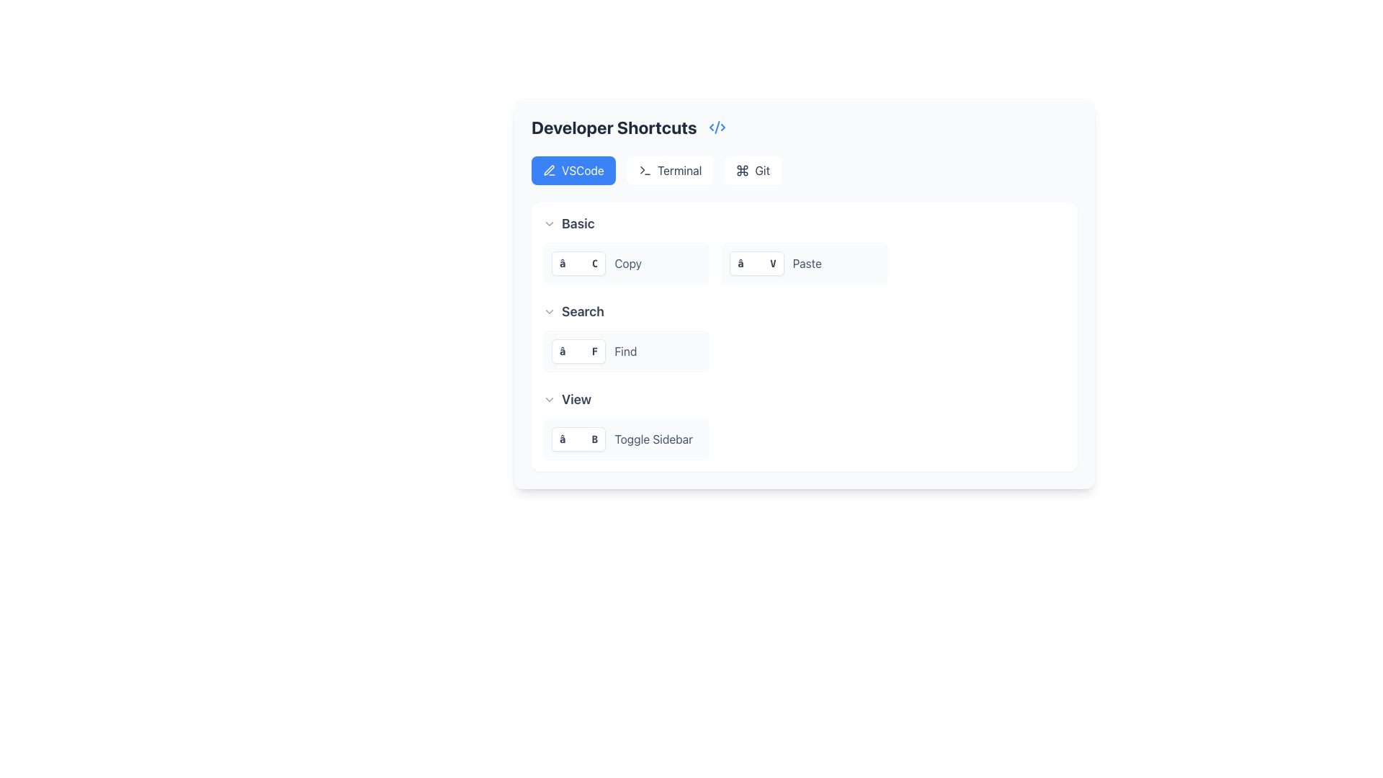 This screenshot has width=1383, height=778. Describe the element at coordinates (578, 224) in the screenshot. I see `the 'Basic' text label, which is styled in bold and dark slate-gray, centrally located in a horizontal row near the upper portion of the main content area` at that location.